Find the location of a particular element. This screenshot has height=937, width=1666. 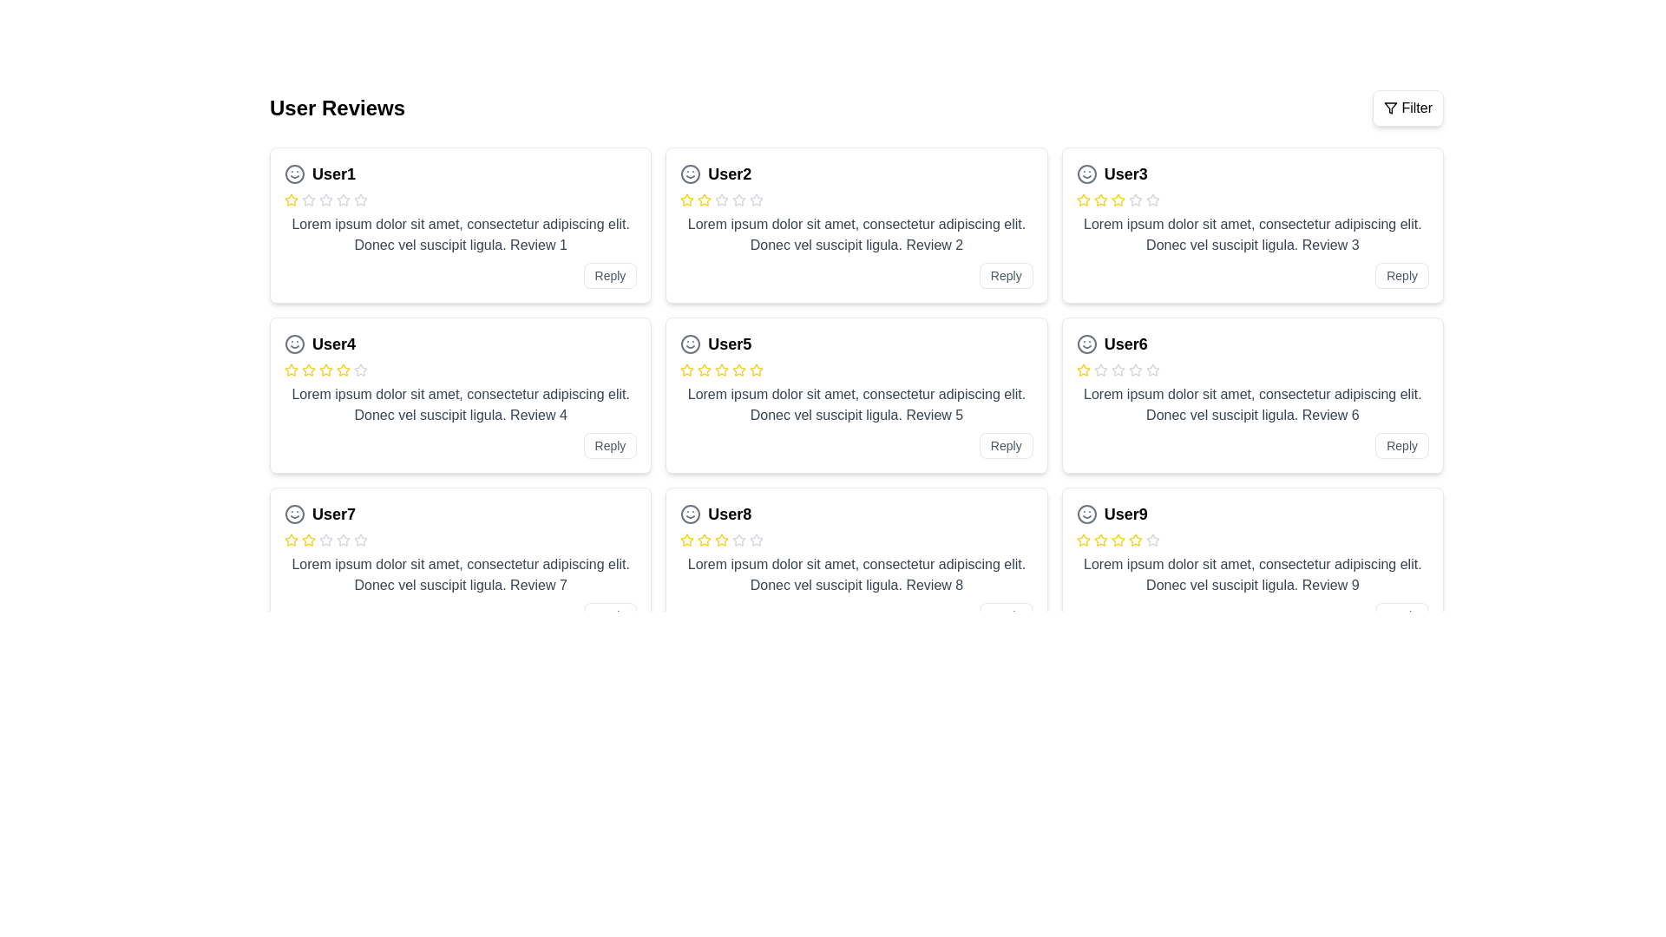

the 'Reply' button in the bottom-right corner of the third review card for 'User3' to change its background is located at coordinates (1402, 274).